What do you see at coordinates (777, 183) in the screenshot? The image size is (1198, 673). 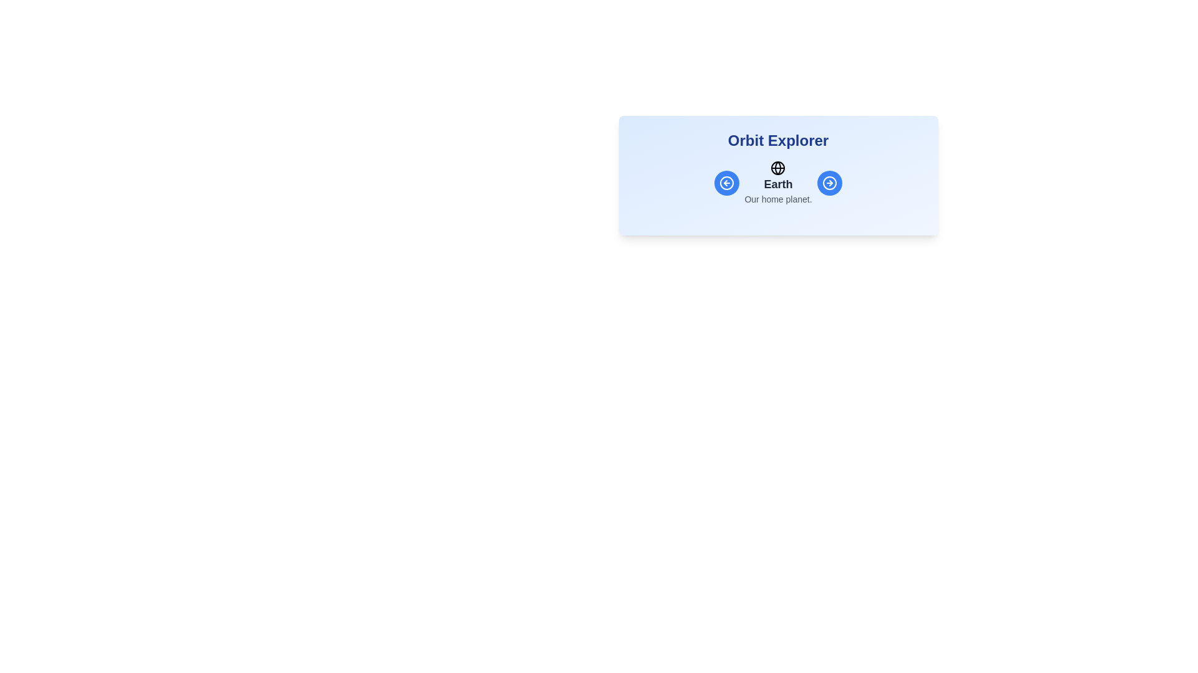 I see `the text-based informational component that displays a title and description about 'Earth', located directly beneath 'Orbit Explorer'` at bounding box center [777, 183].